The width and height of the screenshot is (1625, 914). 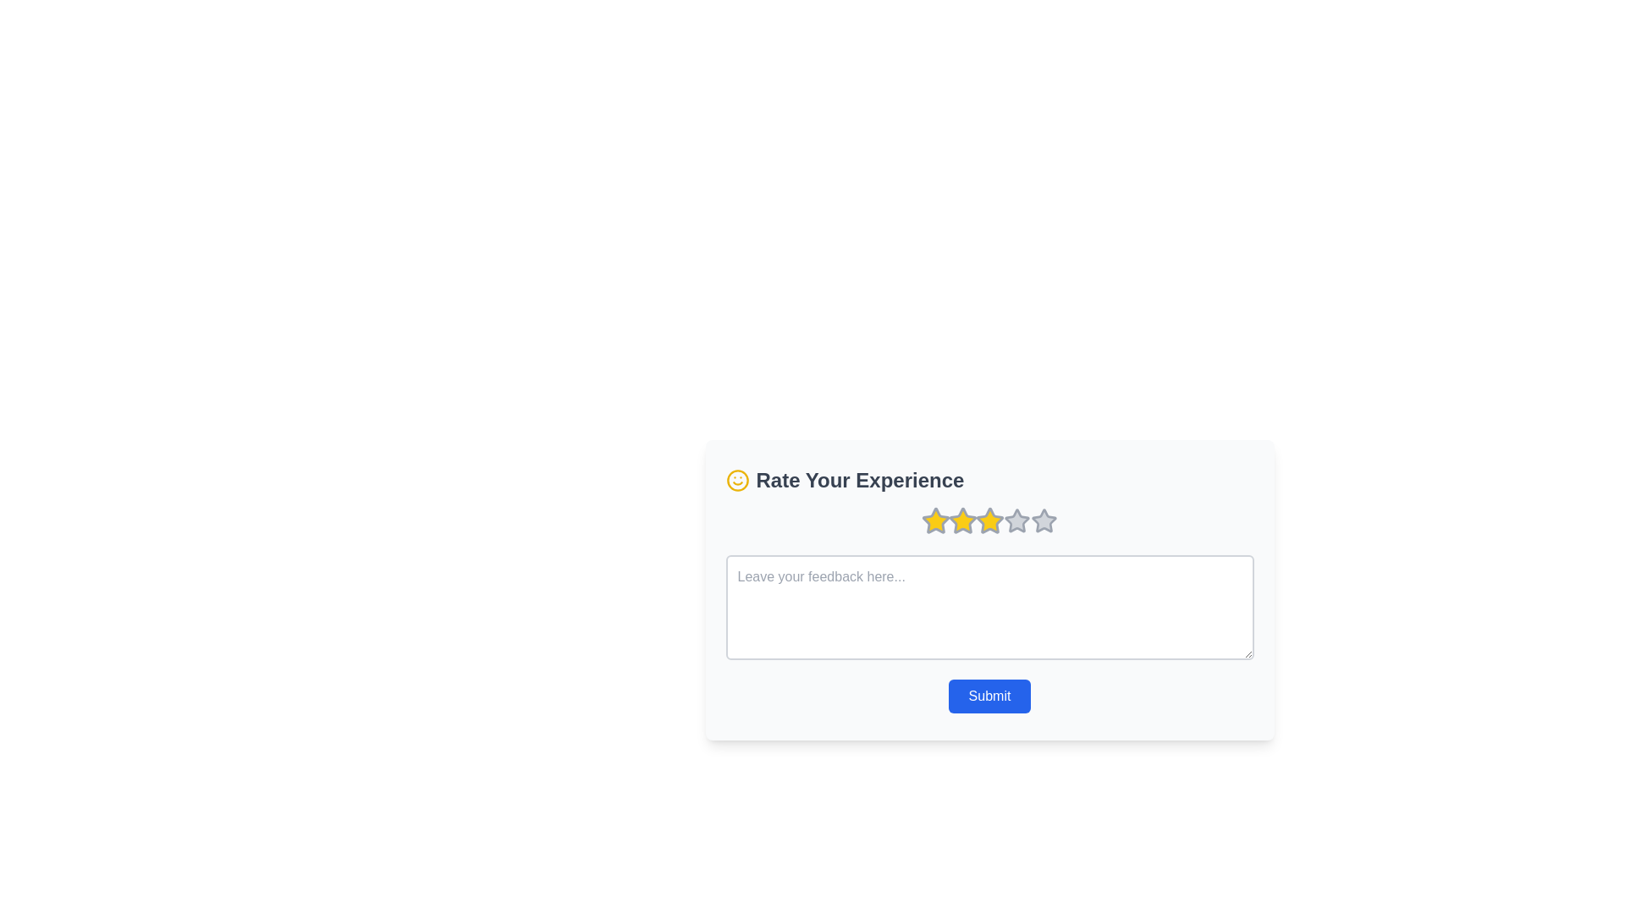 What do you see at coordinates (934, 520) in the screenshot?
I see `the first yellow star-shaped rating icon in a row of five` at bounding box center [934, 520].